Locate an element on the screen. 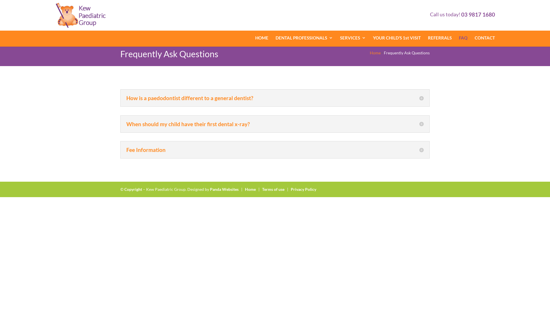 The image size is (550, 309). 'REFERRALS' is located at coordinates (439, 37).